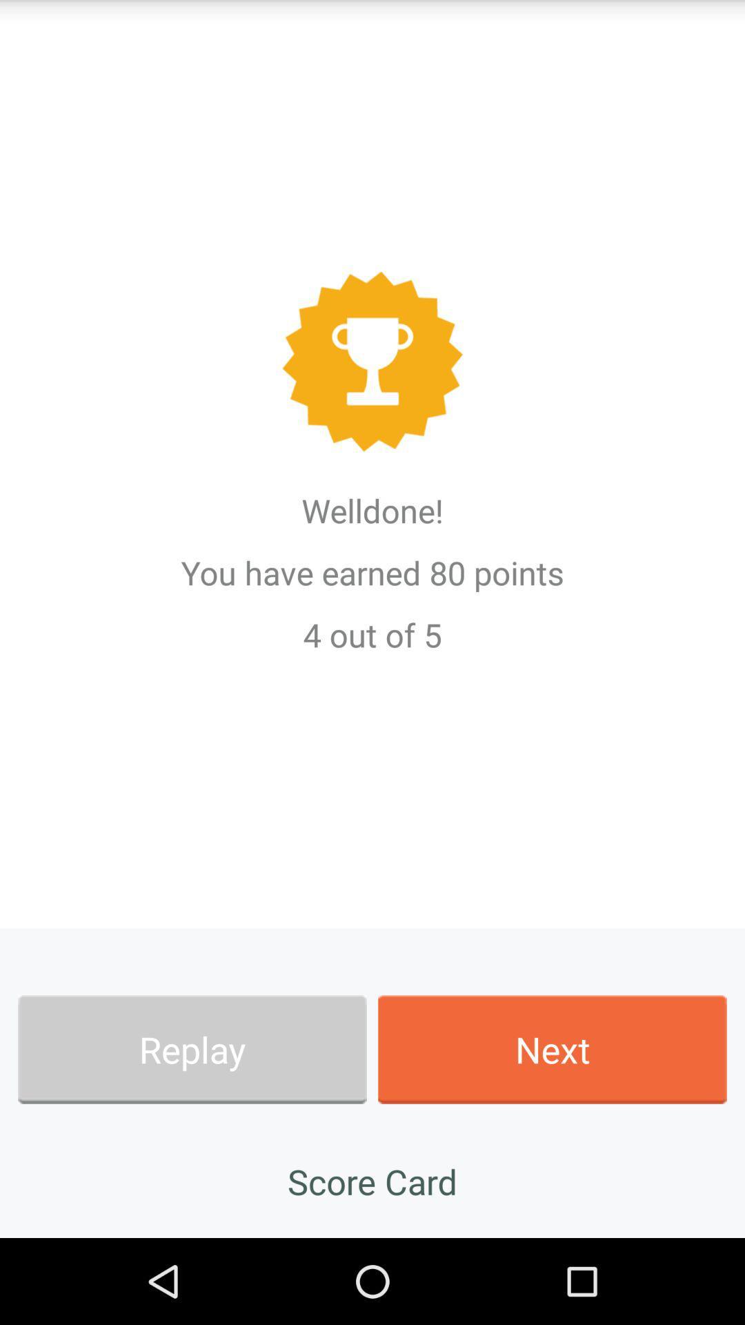 The height and width of the screenshot is (1325, 745). Describe the element at coordinates (192, 1049) in the screenshot. I see `item to the left of next` at that location.